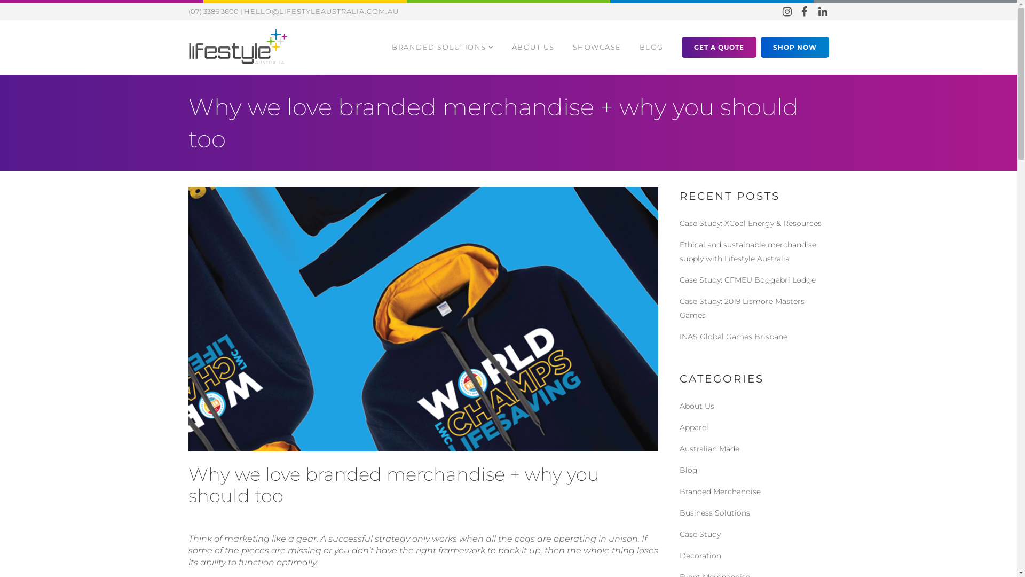  I want to click on 'ABOUT US', so click(533, 46).